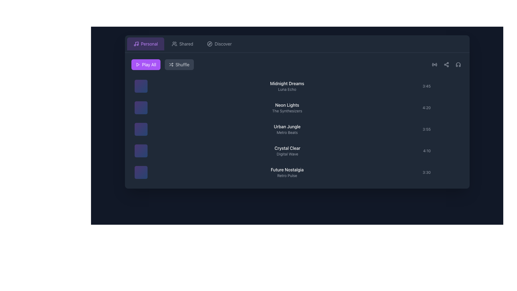 The image size is (517, 291). What do you see at coordinates (146, 64) in the screenshot?
I see `the 'Play All' button with a purple background, which is positioned to the left of the 'Shuffle' button` at bounding box center [146, 64].